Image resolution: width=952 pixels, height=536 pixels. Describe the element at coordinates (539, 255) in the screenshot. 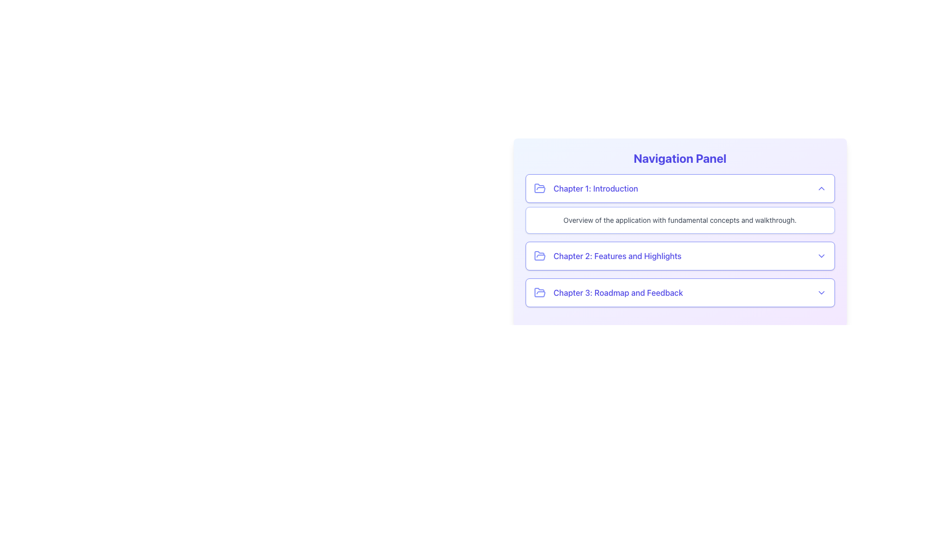

I see `the blue outlined folder icon located on the navigation panel, which is positioned to the left of the 'Chapter 2: Features and Highlights' text` at that location.